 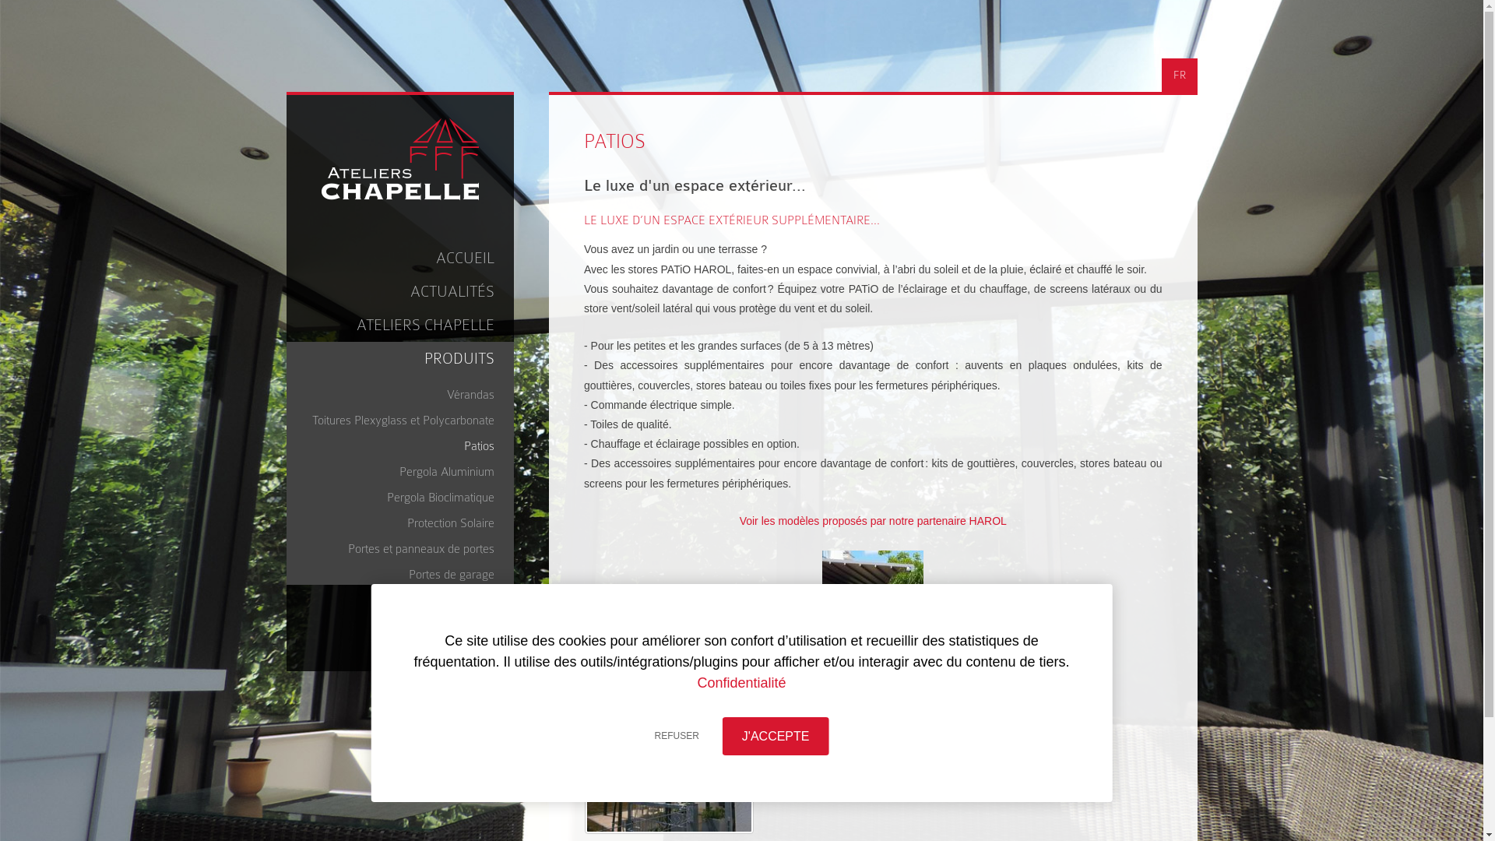 What do you see at coordinates (400, 635) in the screenshot?
I see `'CONTACT'` at bounding box center [400, 635].